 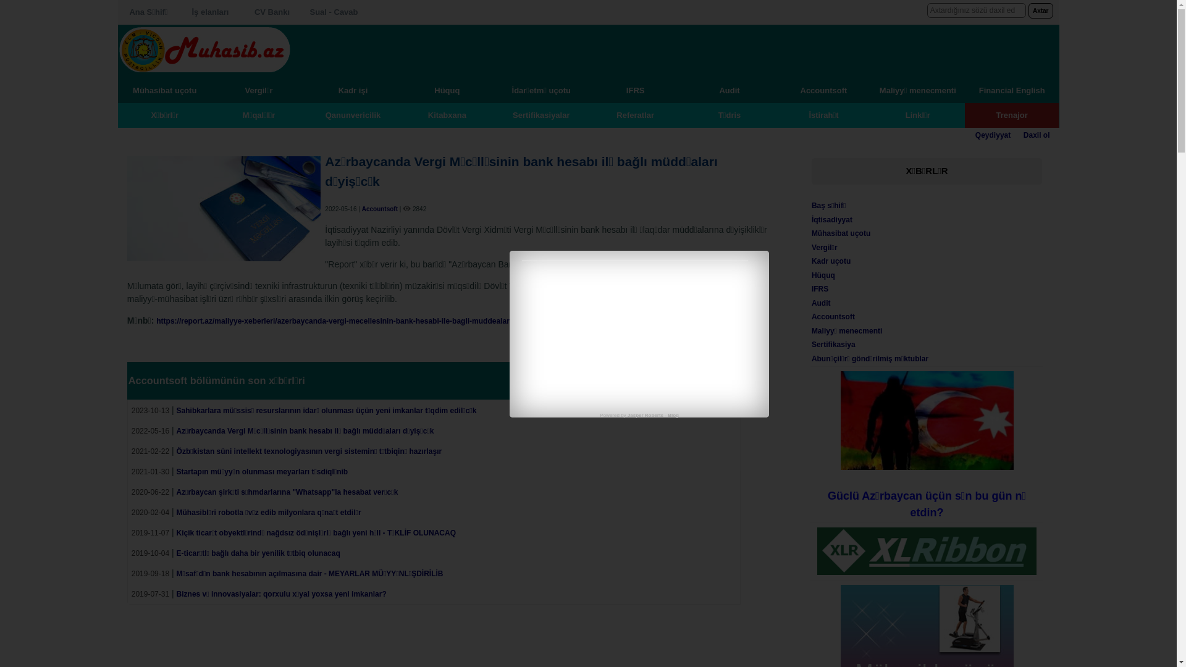 What do you see at coordinates (823, 90) in the screenshot?
I see `'Accountsoft'` at bounding box center [823, 90].